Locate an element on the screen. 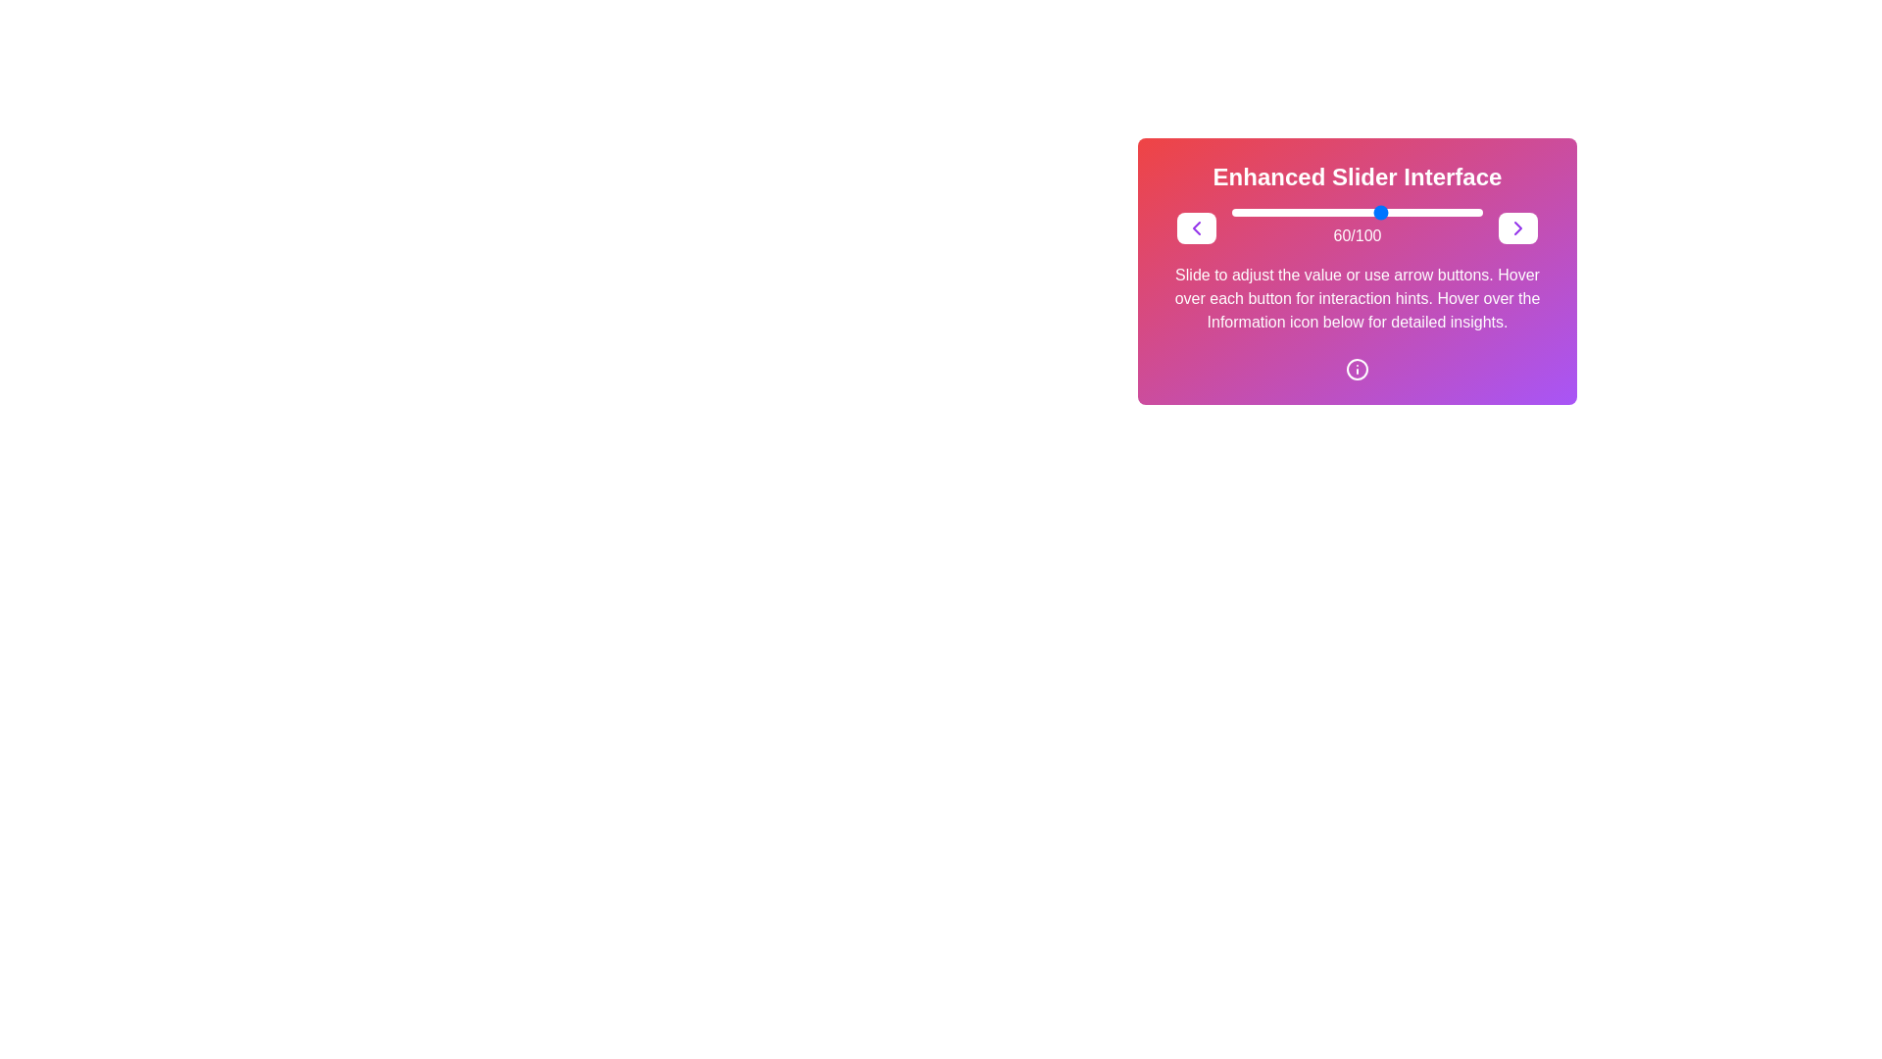  the slider value is located at coordinates (1351, 212).